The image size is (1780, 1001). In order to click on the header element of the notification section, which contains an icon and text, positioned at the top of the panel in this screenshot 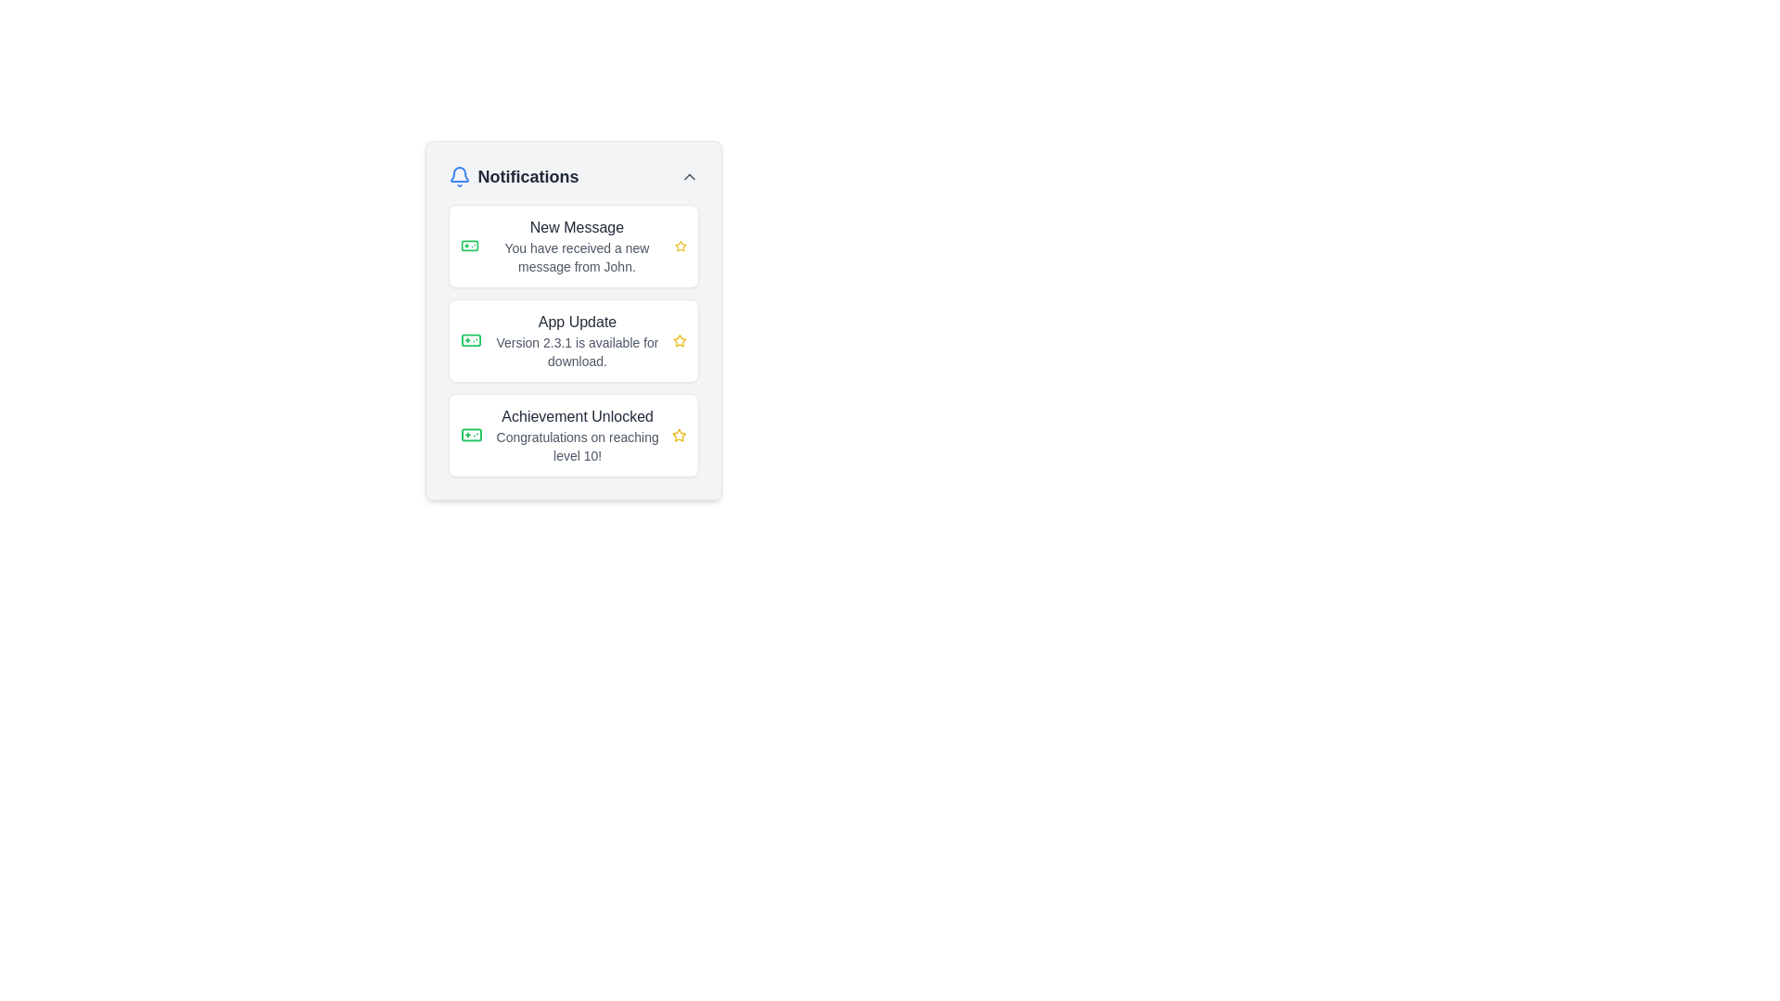, I will do `click(513, 177)`.